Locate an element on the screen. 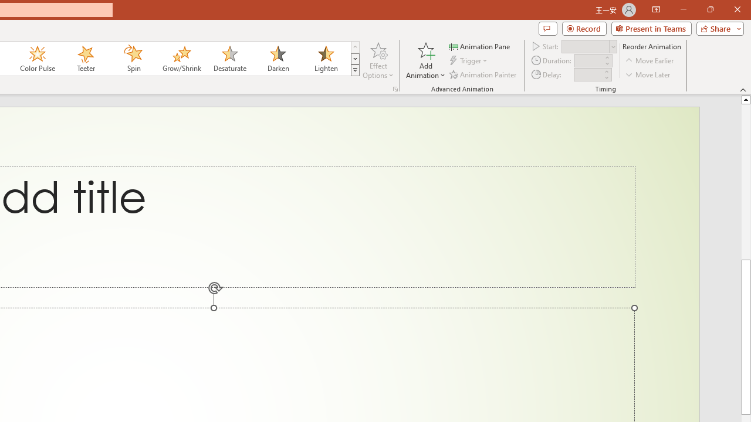 Image resolution: width=751 pixels, height=422 pixels. 'Animation Duration' is located at coordinates (588, 60).